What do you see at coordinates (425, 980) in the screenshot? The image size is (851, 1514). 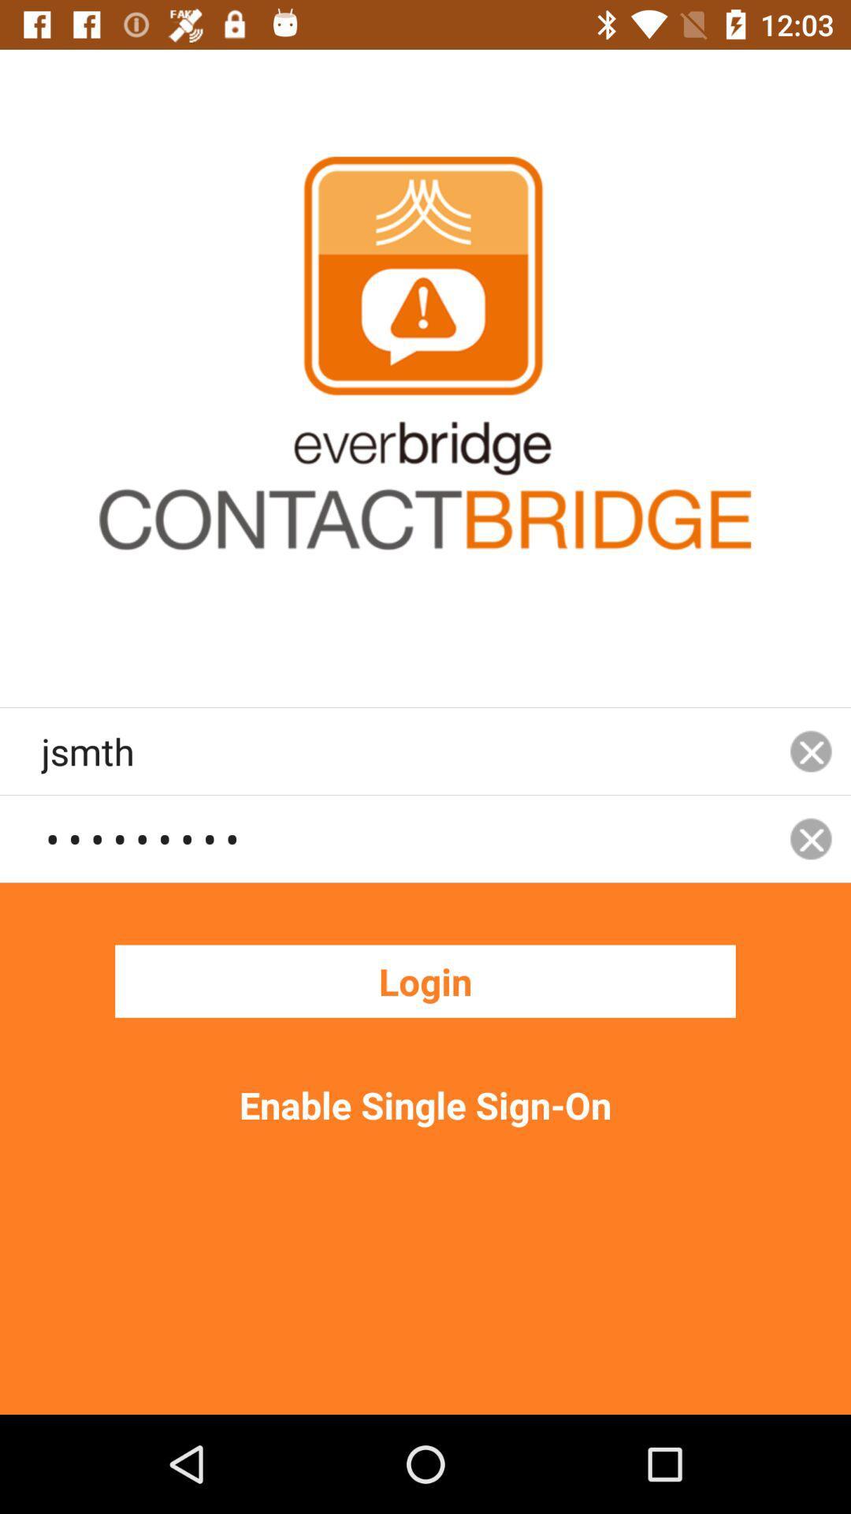 I see `the login` at bounding box center [425, 980].